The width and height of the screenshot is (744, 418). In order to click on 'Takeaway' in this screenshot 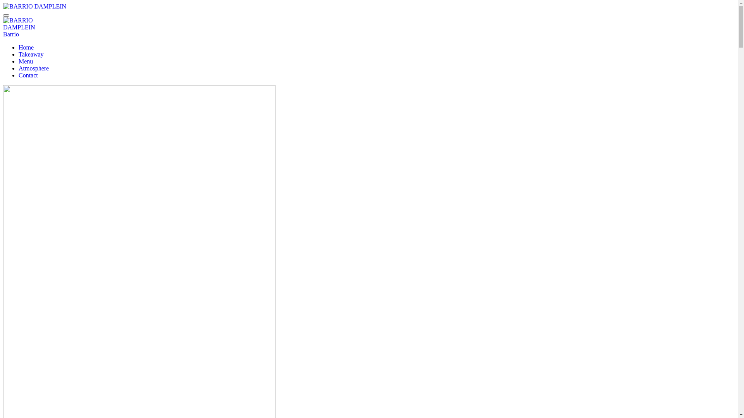, I will do `click(19, 54)`.